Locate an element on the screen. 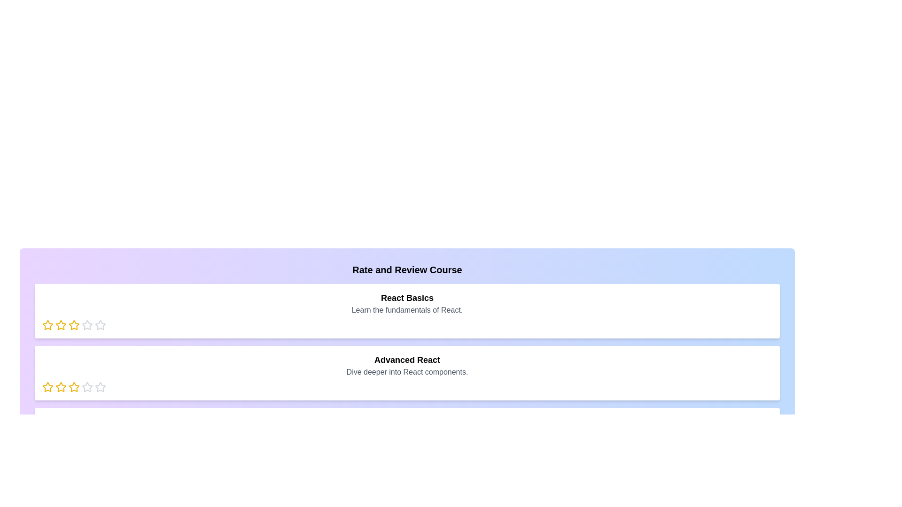 The width and height of the screenshot is (902, 507). the text element that reads 'Learn the fundamentals of React.', which is positioned below the heading 'React Basics' and above a line of star ratings is located at coordinates (407, 310).